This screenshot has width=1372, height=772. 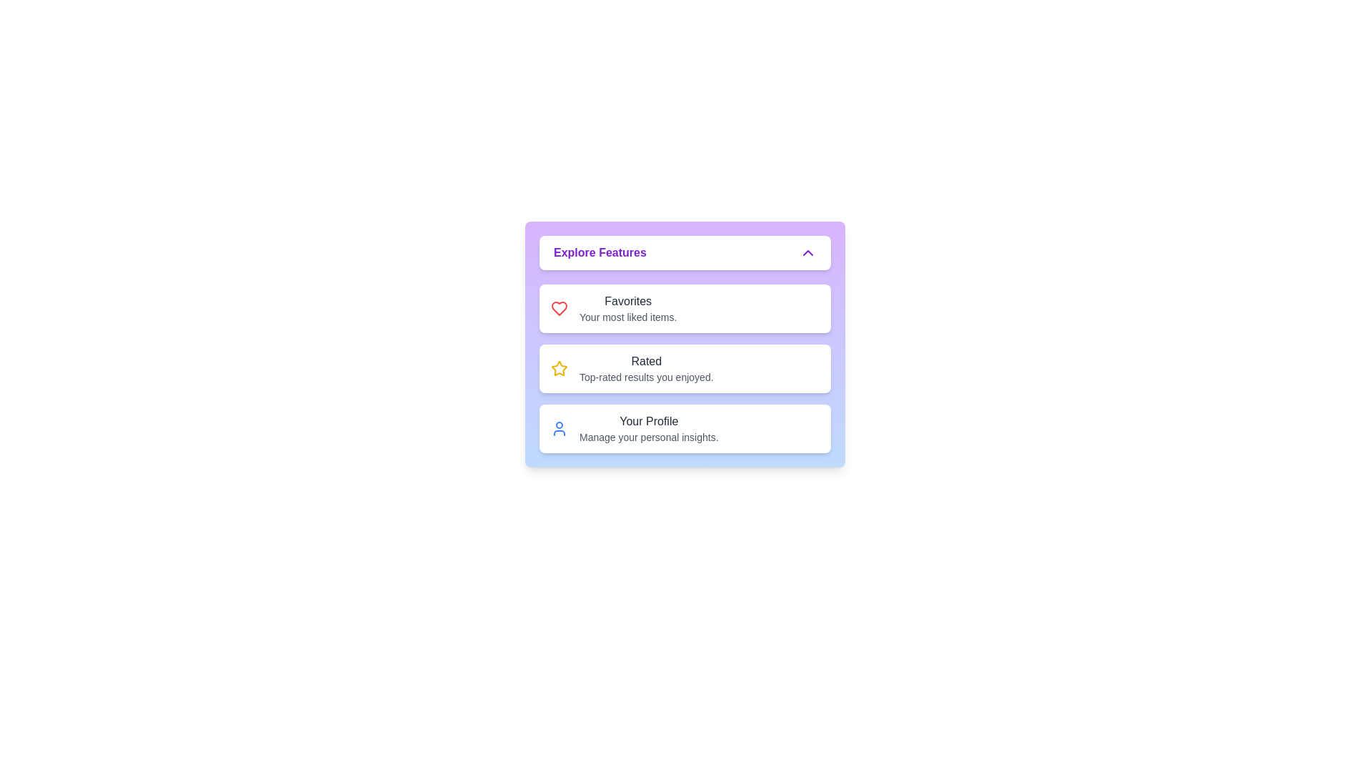 What do you see at coordinates (558, 428) in the screenshot?
I see `the supplementary icon indicating the purpose of the 'Your Profile' section, positioned at the top-left corner of the section` at bounding box center [558, 428].